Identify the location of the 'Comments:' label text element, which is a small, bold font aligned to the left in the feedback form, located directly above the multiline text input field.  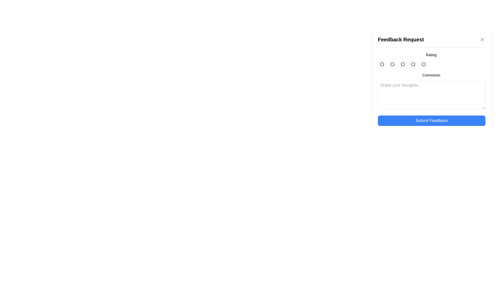
(432, 75).